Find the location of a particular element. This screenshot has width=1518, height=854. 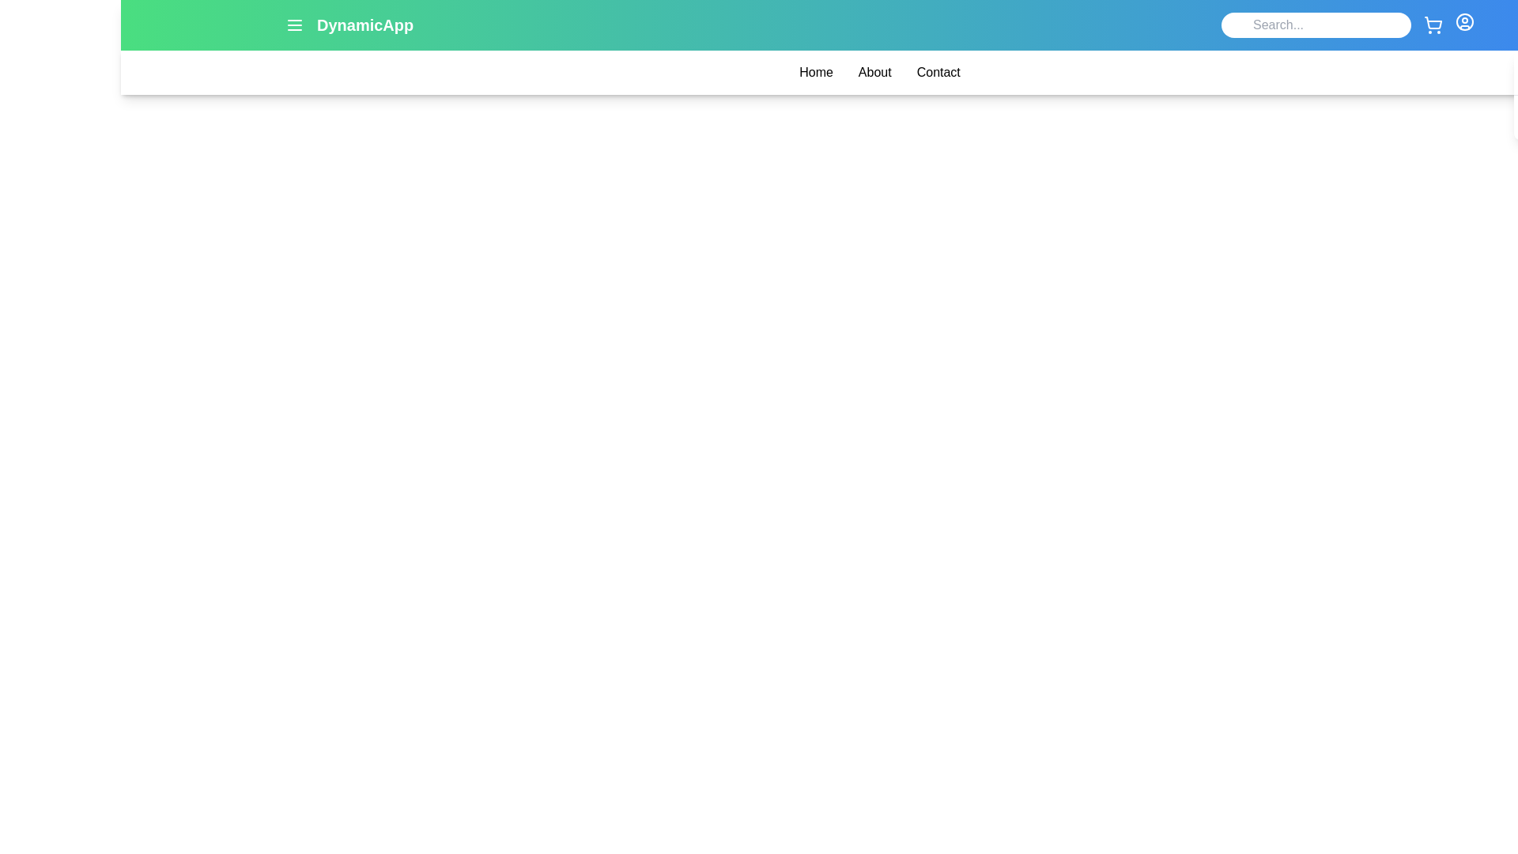

the shopping cart icon to toggle its visibility is located at coordinates (1433, 25).